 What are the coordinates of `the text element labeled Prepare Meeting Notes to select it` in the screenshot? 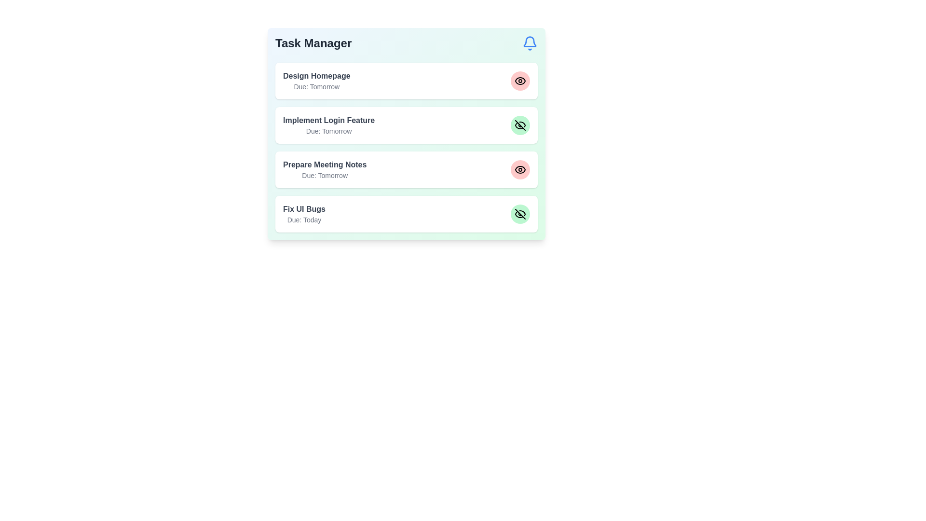 It's located at (325, 165).